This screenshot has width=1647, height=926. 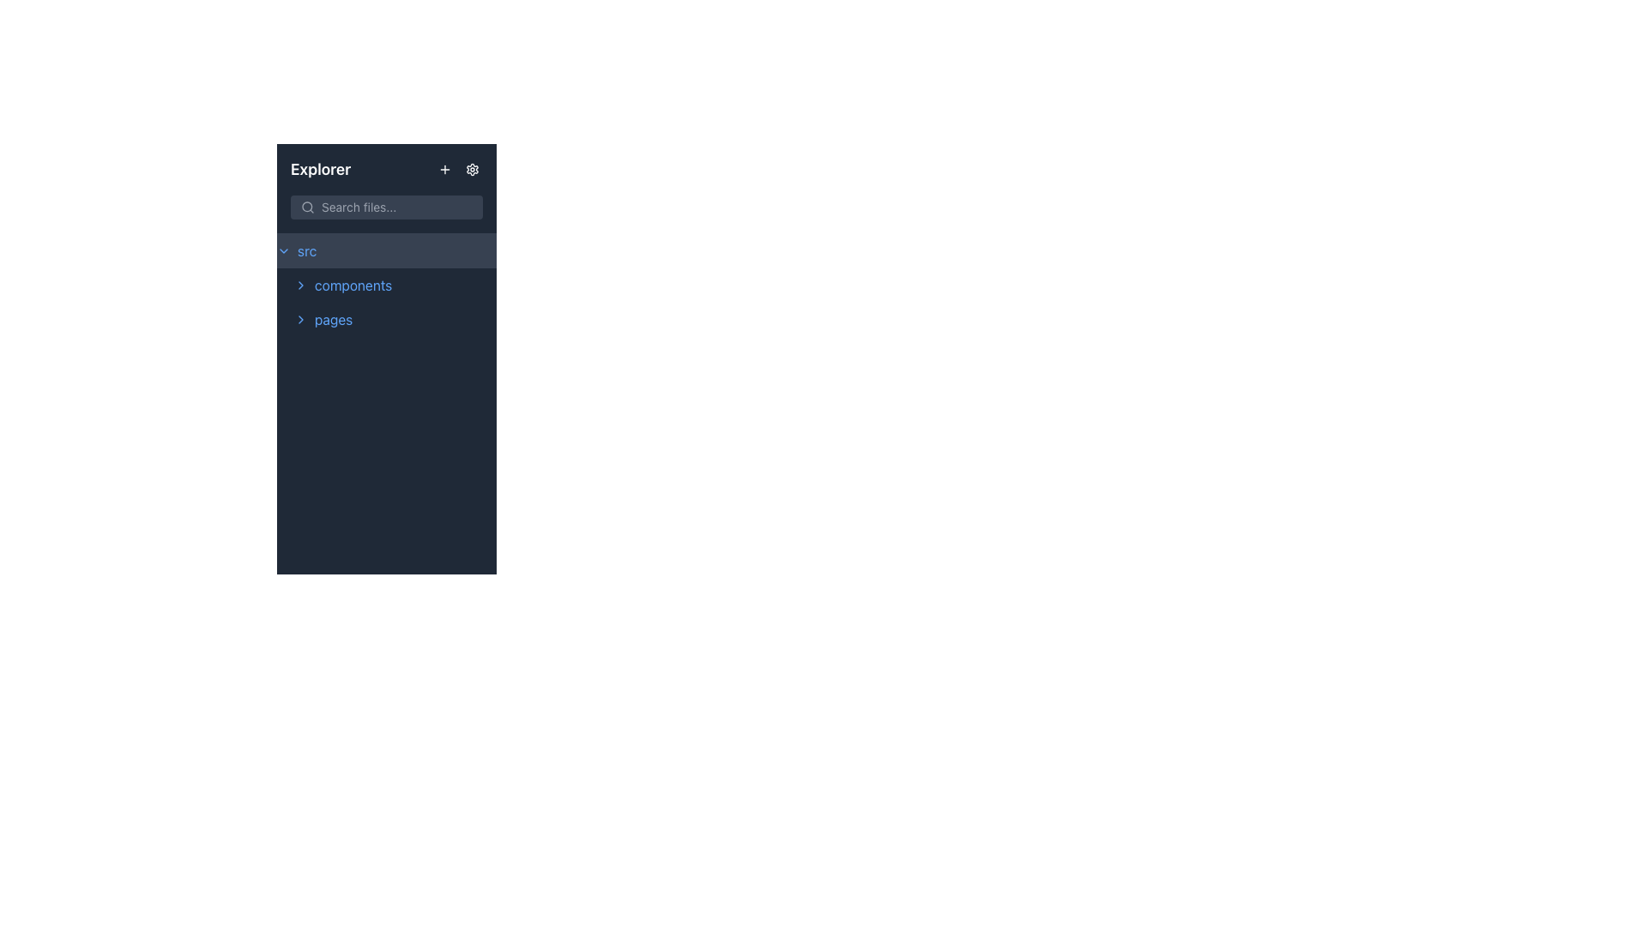 What do you see at coordinates (353, 284) in the screenshot?
I see `the text label displaying 'components' in the file navigation interface` at bounding box center [353, 284].